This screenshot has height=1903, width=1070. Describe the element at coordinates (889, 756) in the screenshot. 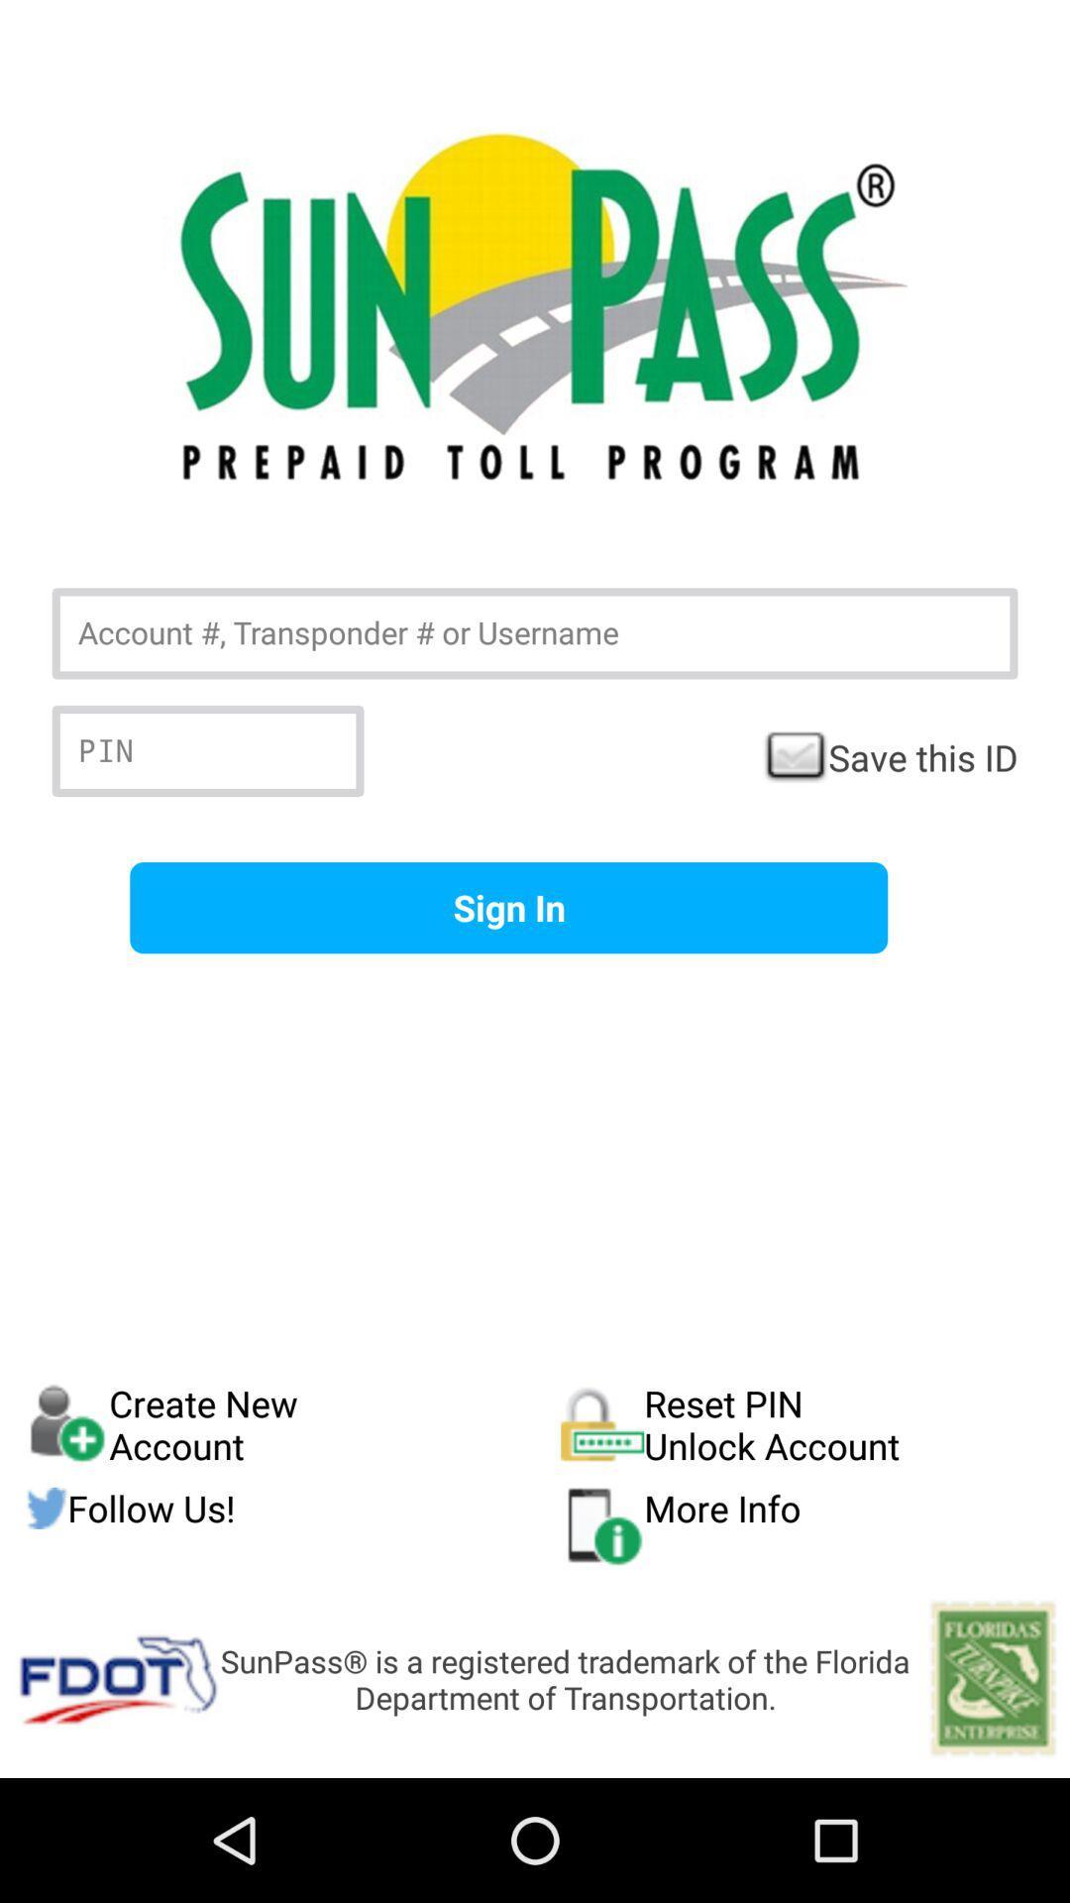

I see `checkbox on the right` at that location.